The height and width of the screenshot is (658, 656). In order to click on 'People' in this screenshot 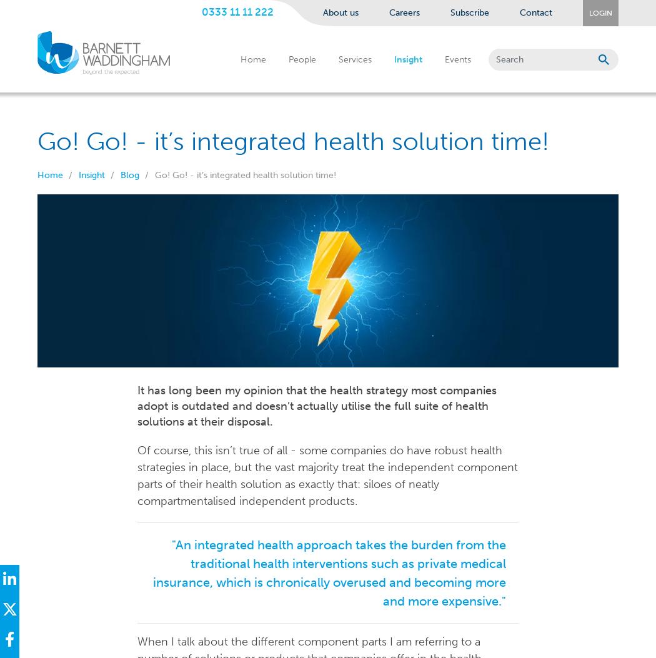, I will do `click(302, 58)`.